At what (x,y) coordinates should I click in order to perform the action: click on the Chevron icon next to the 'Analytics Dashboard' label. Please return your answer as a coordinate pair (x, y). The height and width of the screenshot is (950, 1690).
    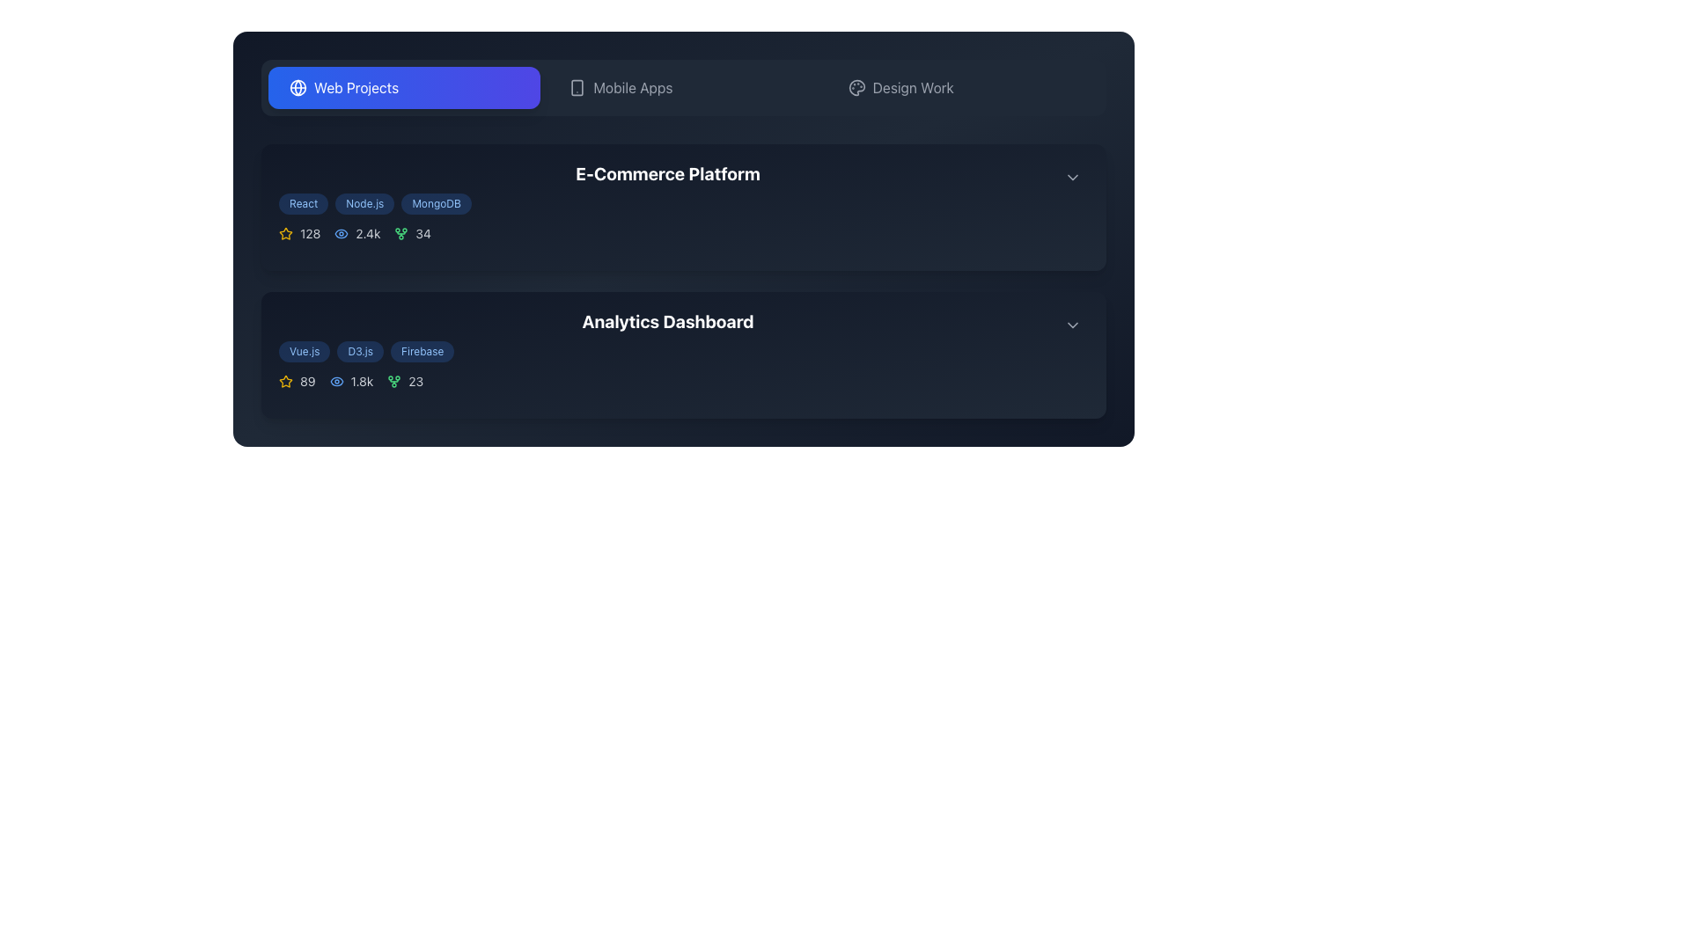
    Looking at the image, I should click on (1072, 325).